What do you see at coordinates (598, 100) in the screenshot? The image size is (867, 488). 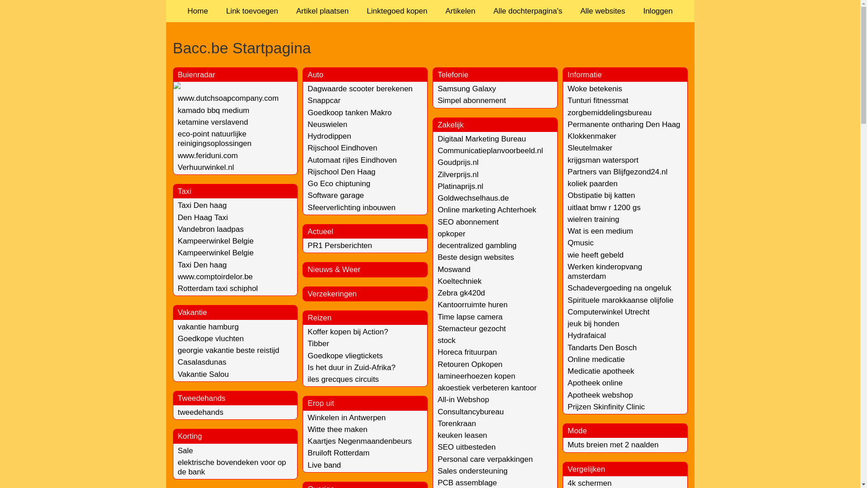 I see `'Tunturi fitnessmat'` at bounding box center [598, 100].